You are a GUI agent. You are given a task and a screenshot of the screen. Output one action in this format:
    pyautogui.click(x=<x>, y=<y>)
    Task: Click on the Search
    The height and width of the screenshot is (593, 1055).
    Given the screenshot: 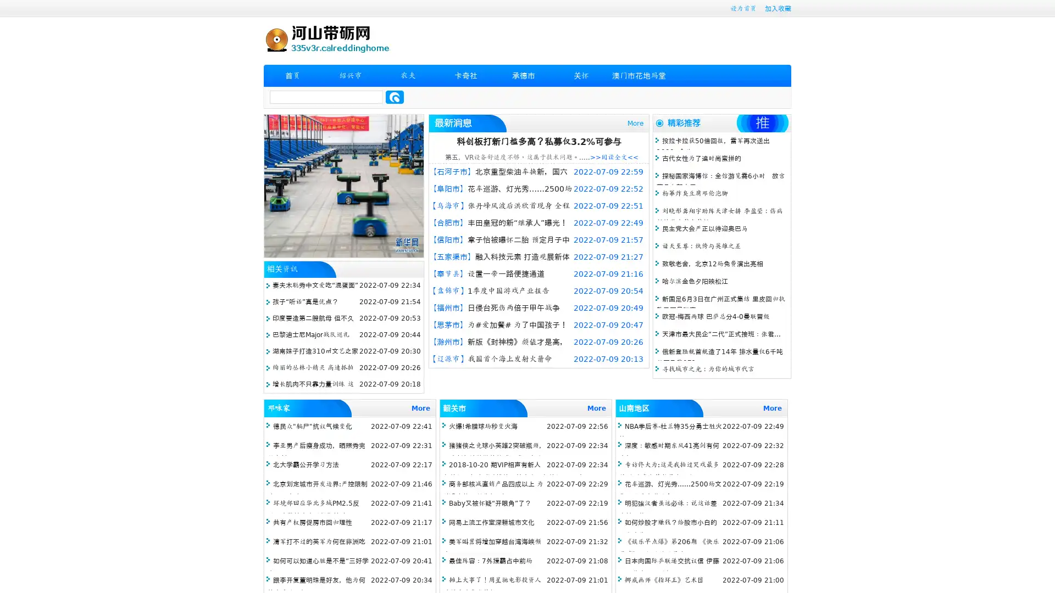 What is the action you would take?
    pyautogui.click(x=395, y=97)
    